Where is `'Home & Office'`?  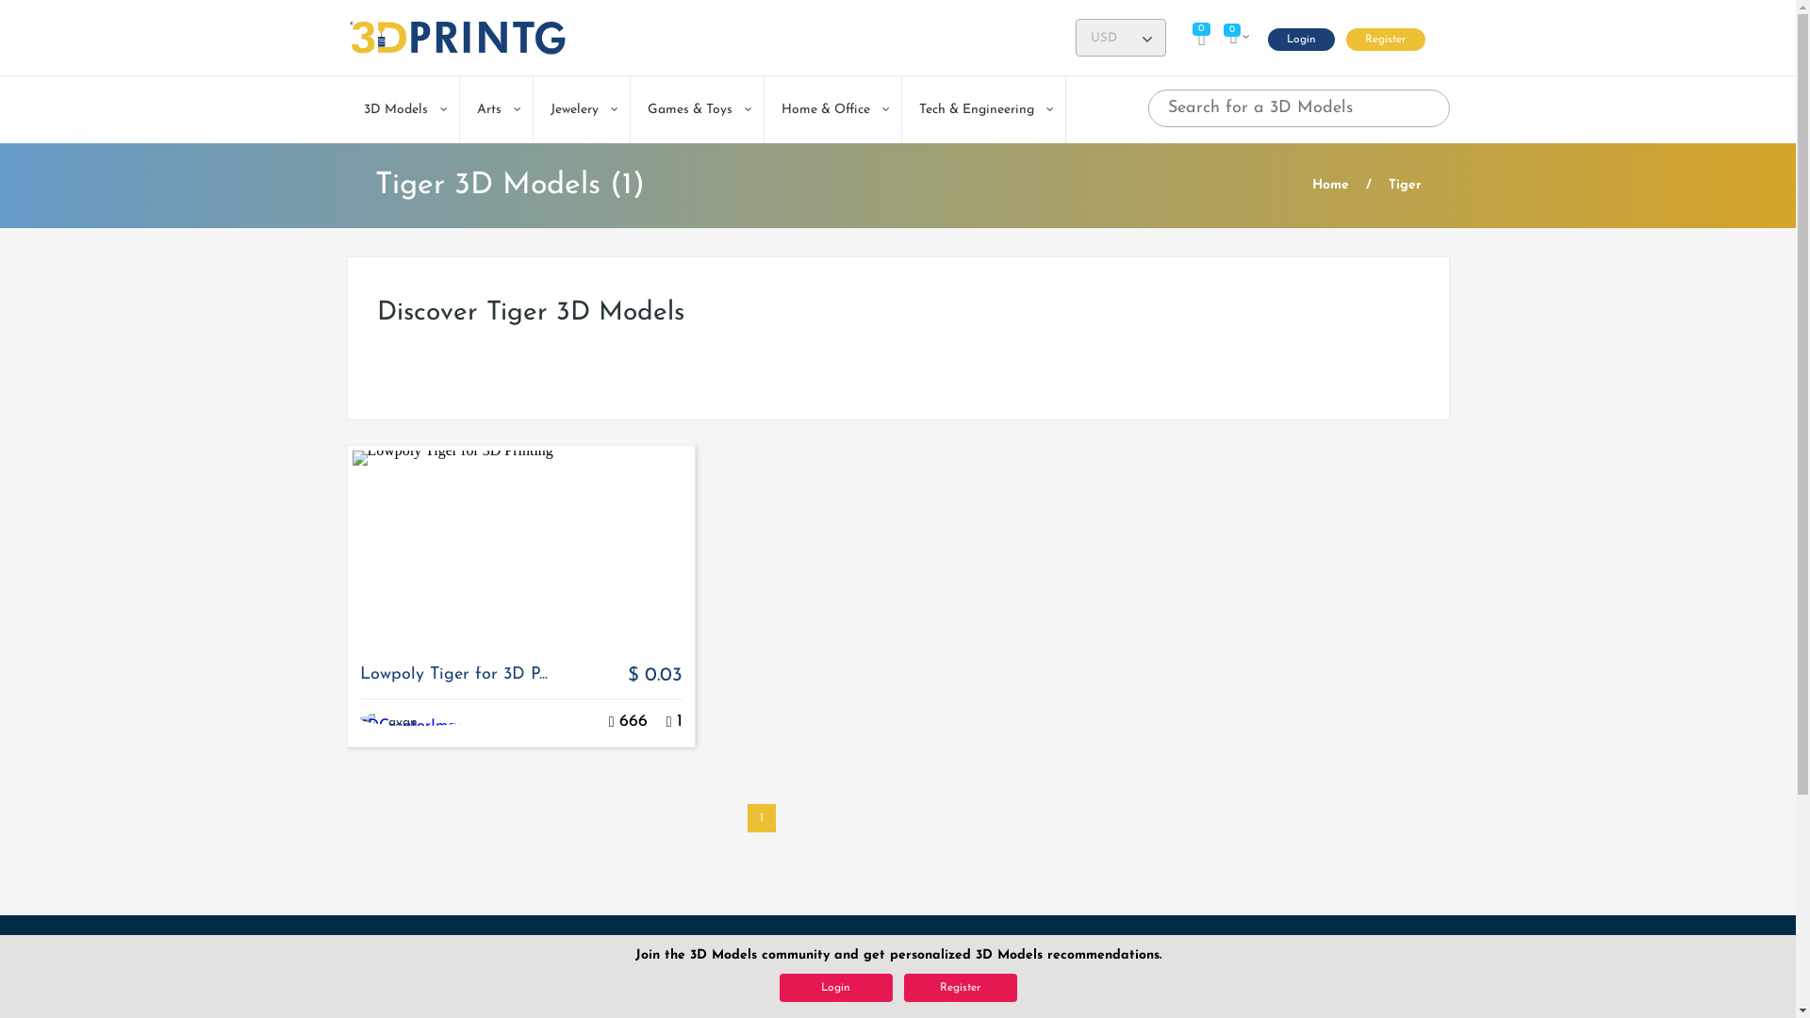 'Home & Office' is located at coordinates (831, 109).